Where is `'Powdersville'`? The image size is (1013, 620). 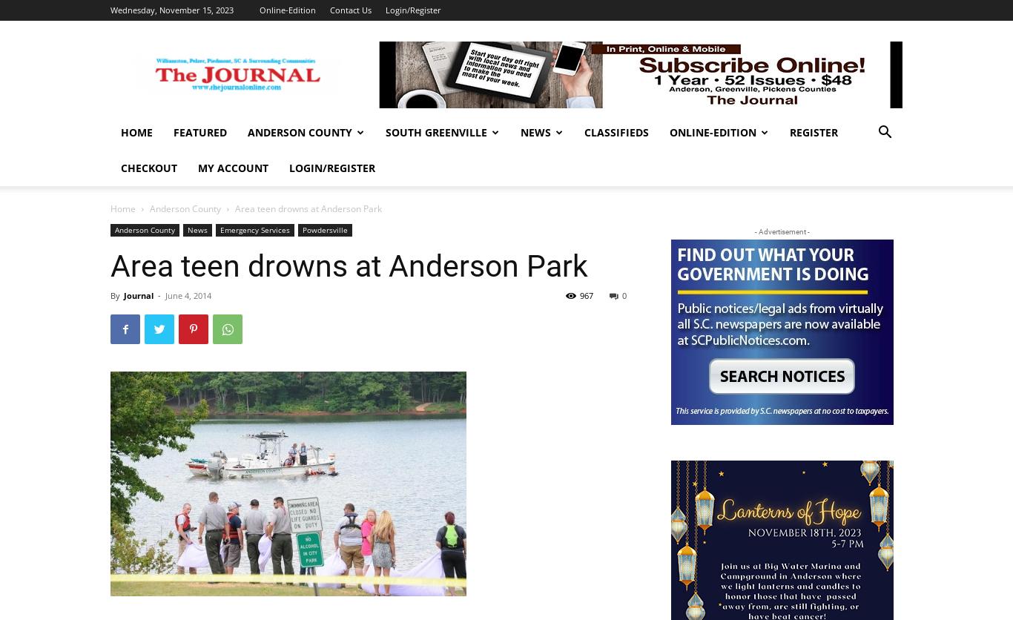 'Powdersville' is located at coordinates (324, 229).